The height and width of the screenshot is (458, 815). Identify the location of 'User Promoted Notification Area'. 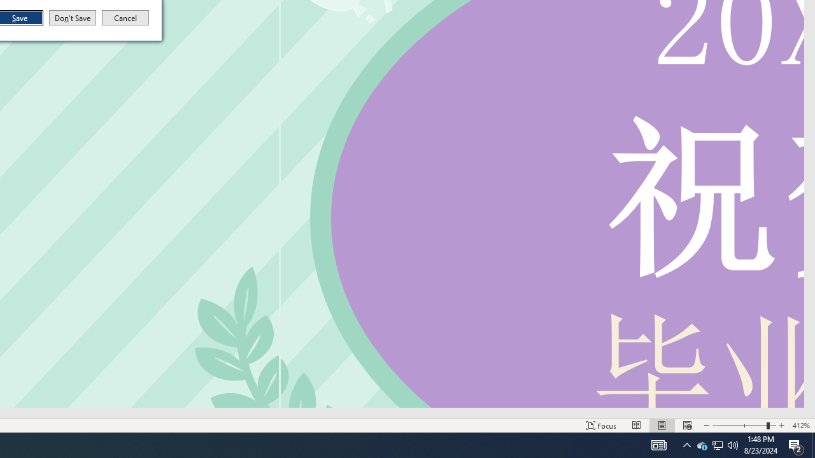
(718, 444).